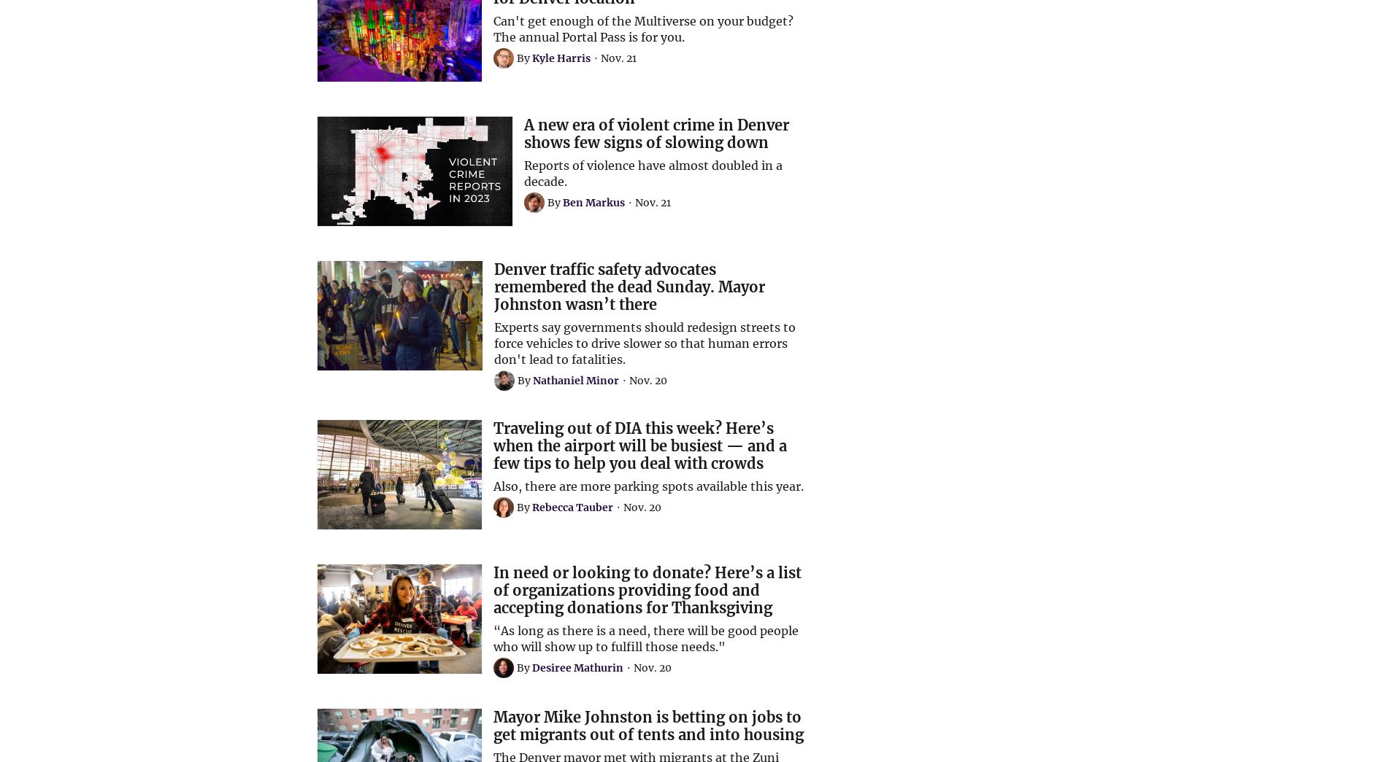 Image resolution: width=1387 pixels, height=762 pixels. I want to click on 'Can't get enough of the Multiverse on your budget? The annual Portal Pass is for you.', so click(493, 28).